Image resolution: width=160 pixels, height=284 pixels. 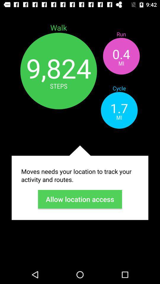 I want to click on the allow location access icon, so click(x=80, y=199).